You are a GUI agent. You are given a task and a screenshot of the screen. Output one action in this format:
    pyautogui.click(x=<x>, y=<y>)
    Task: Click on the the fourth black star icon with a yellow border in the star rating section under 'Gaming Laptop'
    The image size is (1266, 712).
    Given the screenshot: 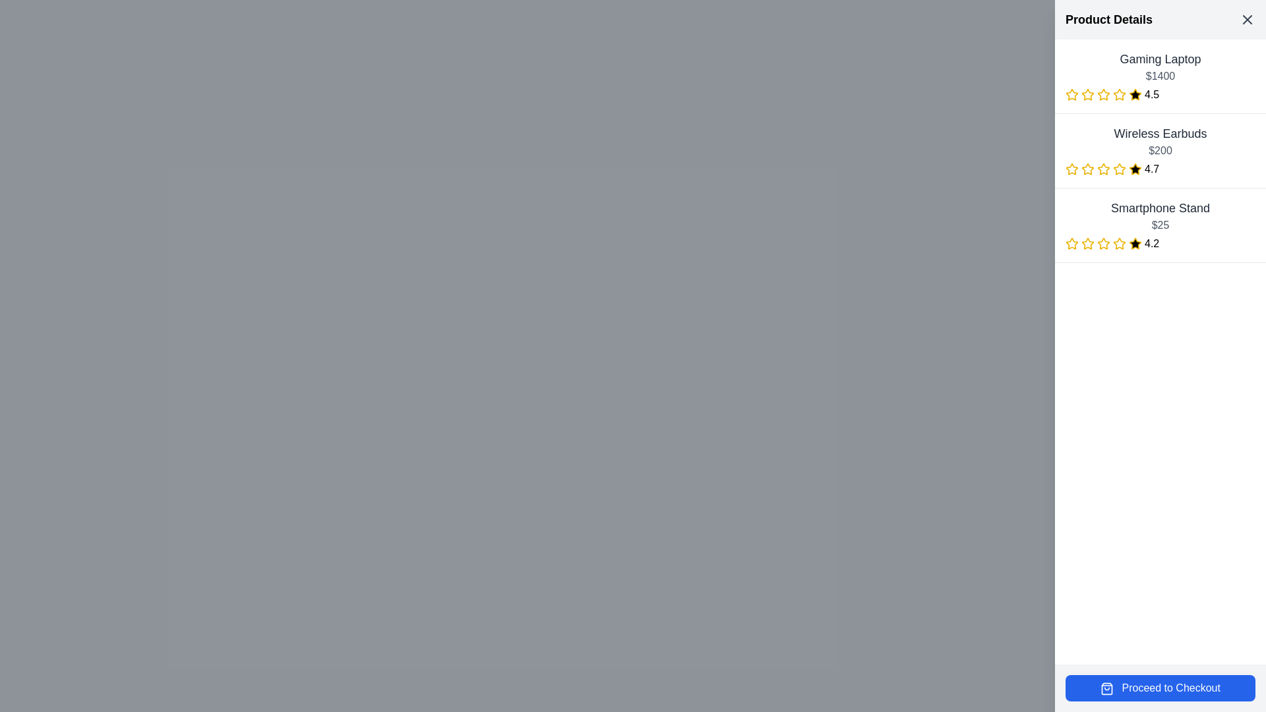 What is the action you would take?
    pyautogui.click(x=1135, y=94)
    